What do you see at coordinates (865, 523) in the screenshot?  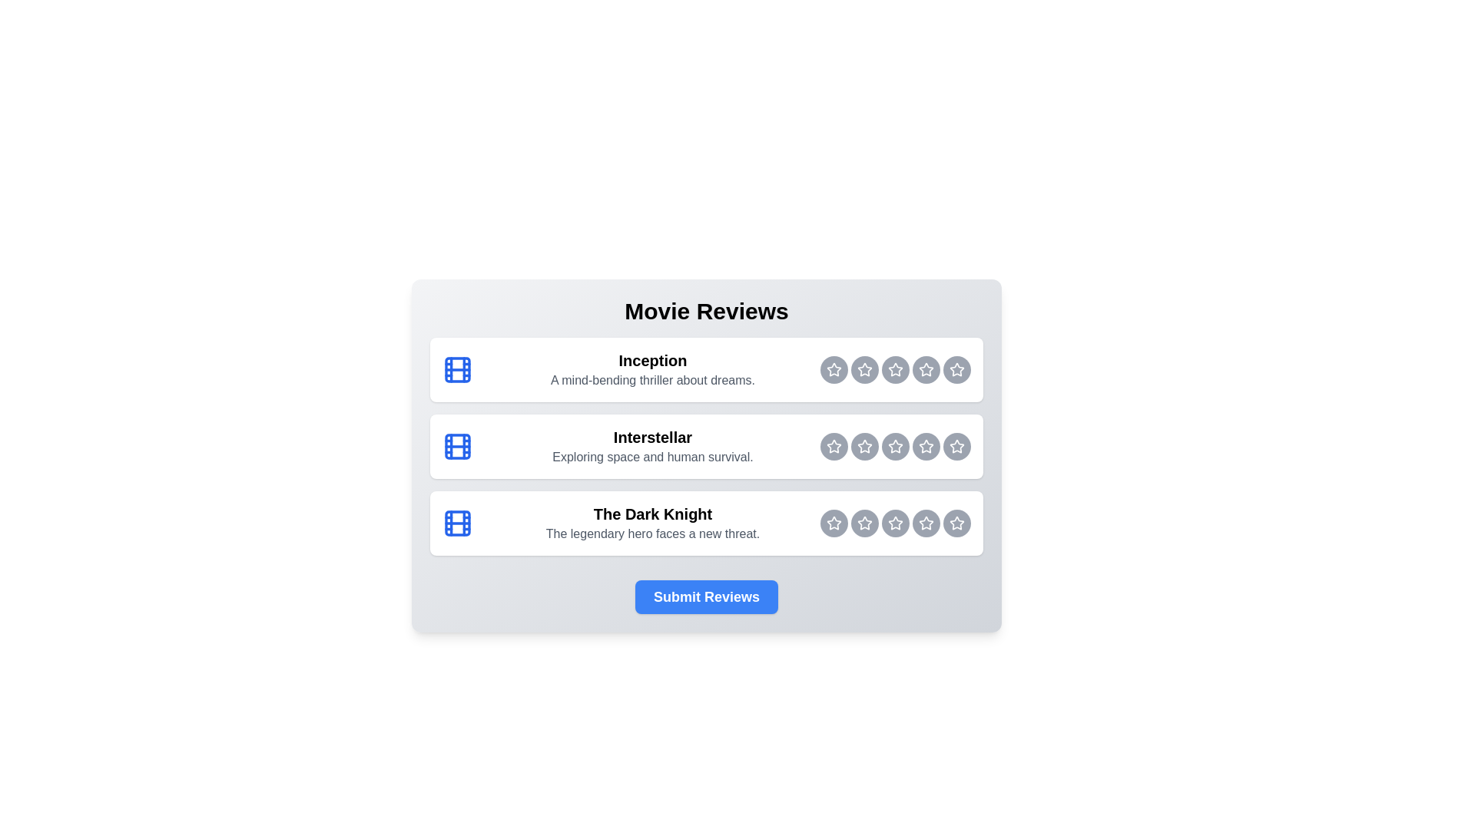 I see `the rating button for The Dark Knight at 2 stars` at bounding box center [865, 523].